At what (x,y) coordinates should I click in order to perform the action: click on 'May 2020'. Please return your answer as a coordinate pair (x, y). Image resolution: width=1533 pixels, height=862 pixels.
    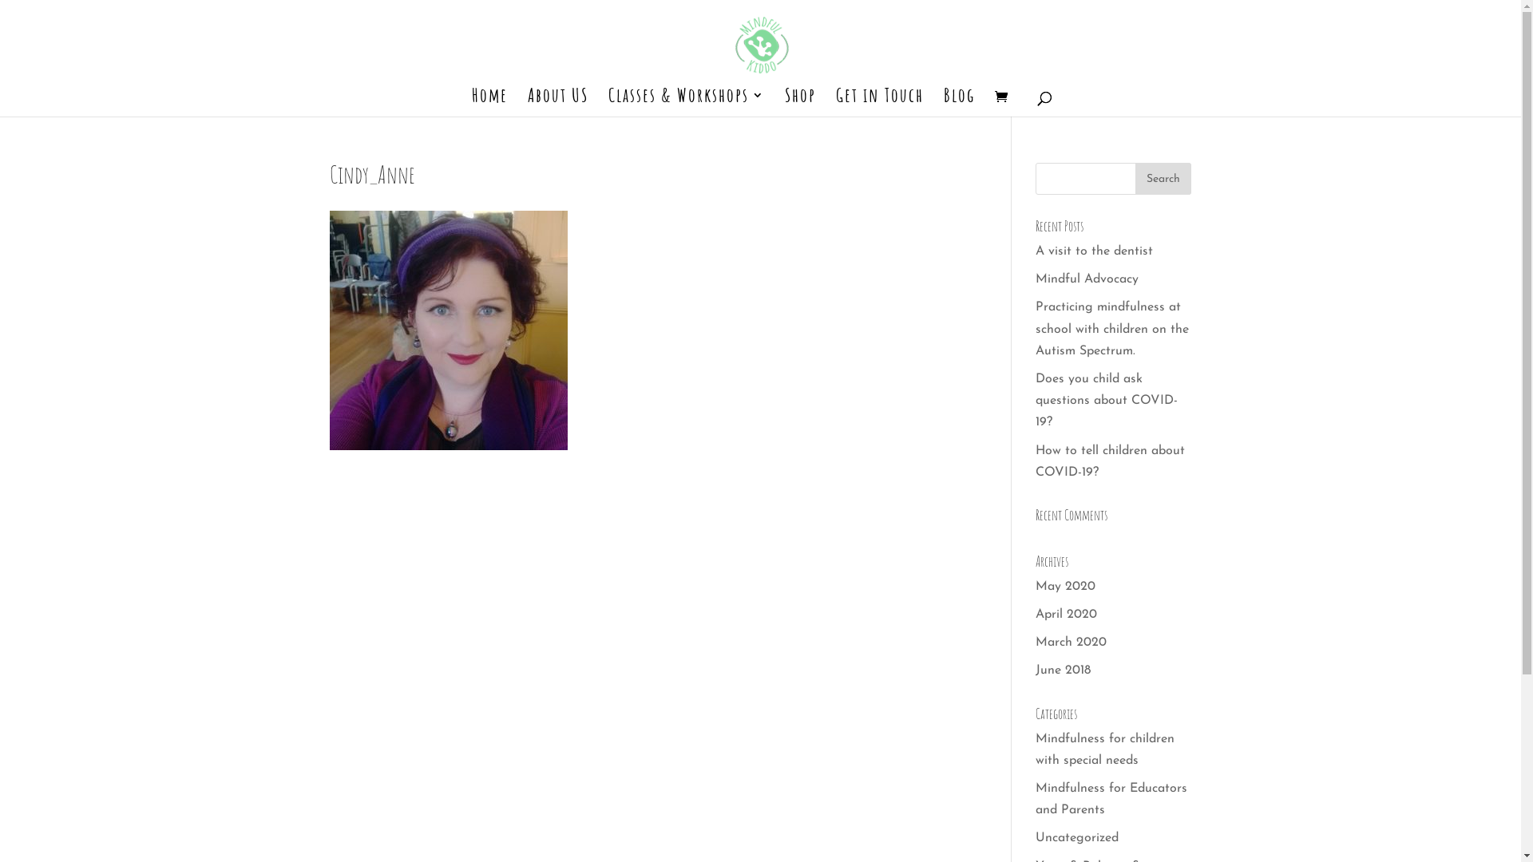
    Looking at the image, I should click on (1065, 587).